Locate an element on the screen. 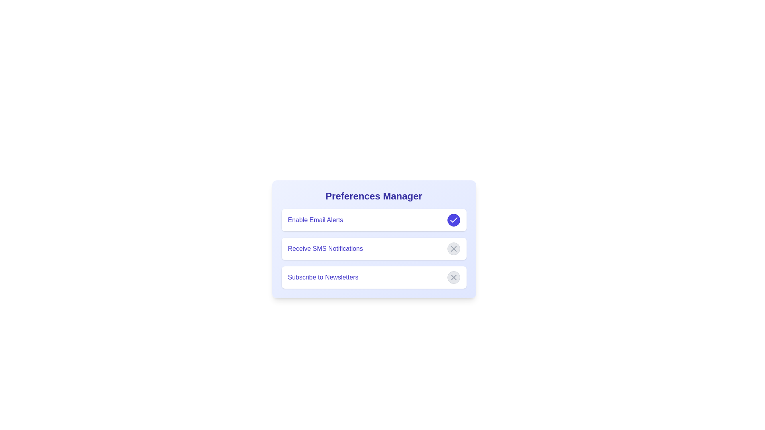 The width and height of the screenshot is (765, 430). the toggle button for 'Receive SMS Notifications' is located at coordinates (453, 248).